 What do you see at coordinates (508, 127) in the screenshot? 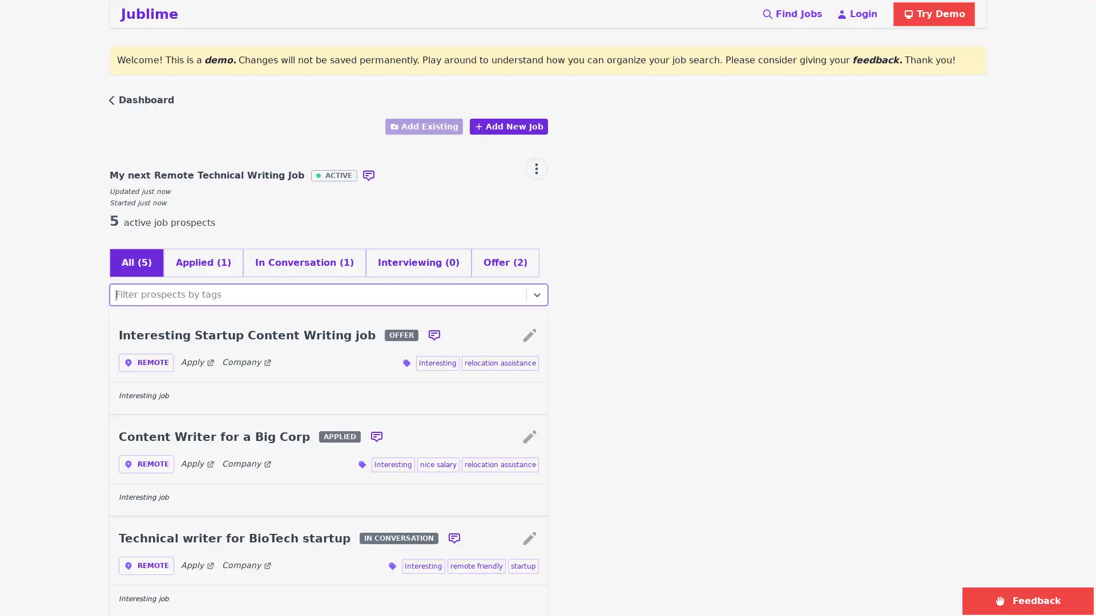
I see `Add New Job` at bounding box center [508, 127].